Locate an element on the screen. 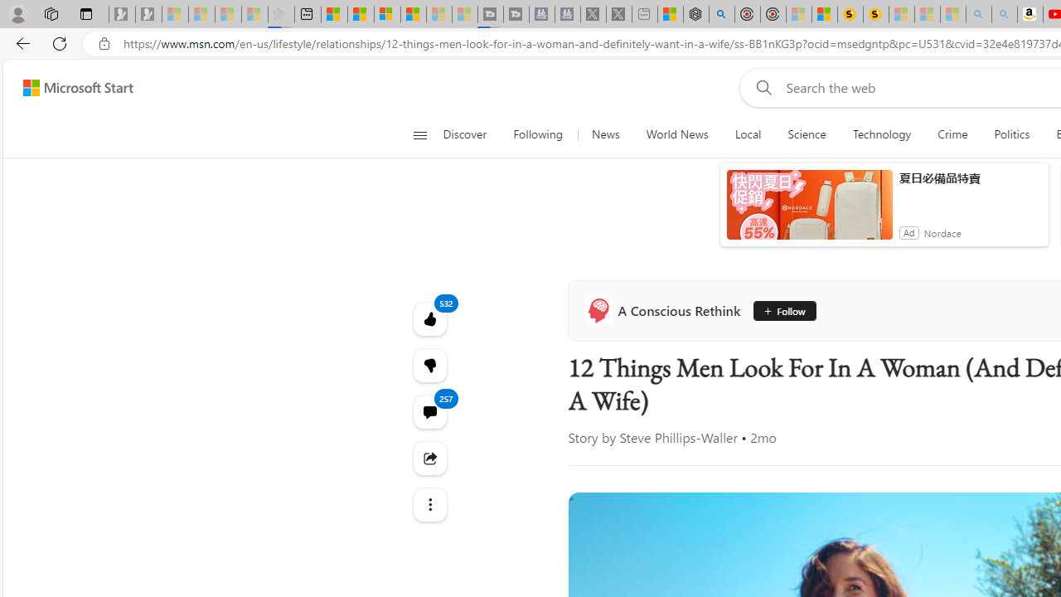 The width and height of the screenshot is (1061, 597). 'Dislike' is located at coordinates (429, 365).